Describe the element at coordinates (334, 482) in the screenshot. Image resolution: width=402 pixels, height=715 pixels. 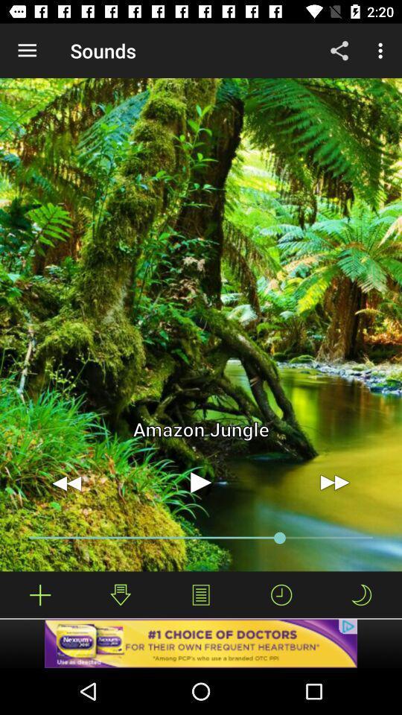
I see `forward option` at that location.